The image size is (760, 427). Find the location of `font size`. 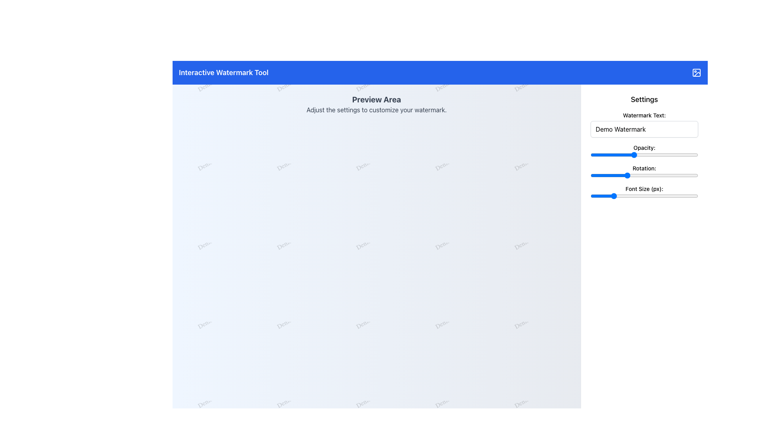

font size is located at coordinates (594, 196).